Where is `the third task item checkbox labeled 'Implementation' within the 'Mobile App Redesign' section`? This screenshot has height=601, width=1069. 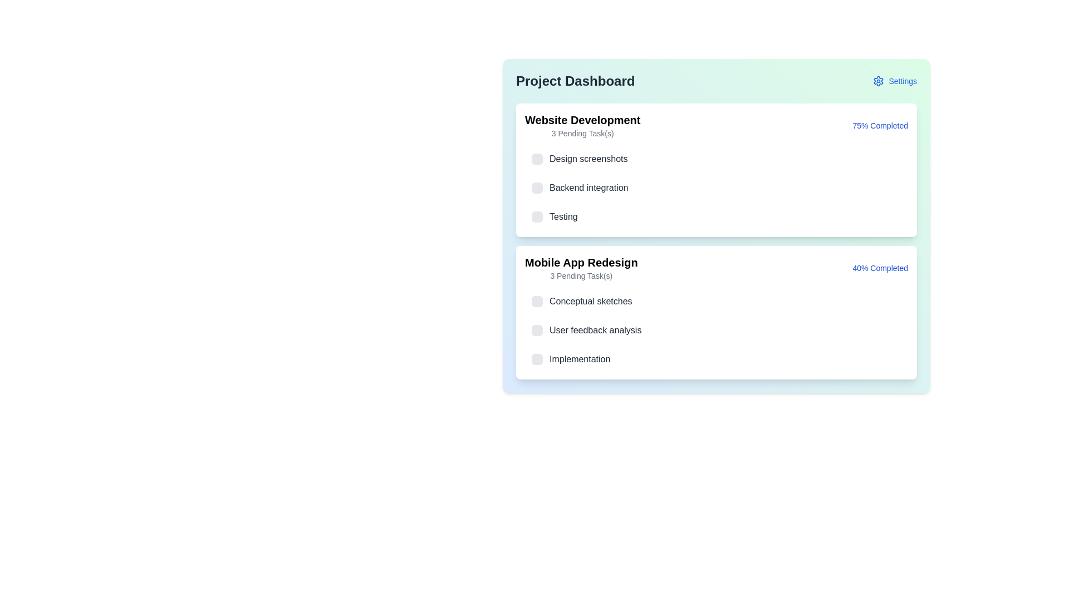
the third task item checkbox labeled 'Implementation' within the 'Mobile App Redesign' section is located at coordinates (716, 359).